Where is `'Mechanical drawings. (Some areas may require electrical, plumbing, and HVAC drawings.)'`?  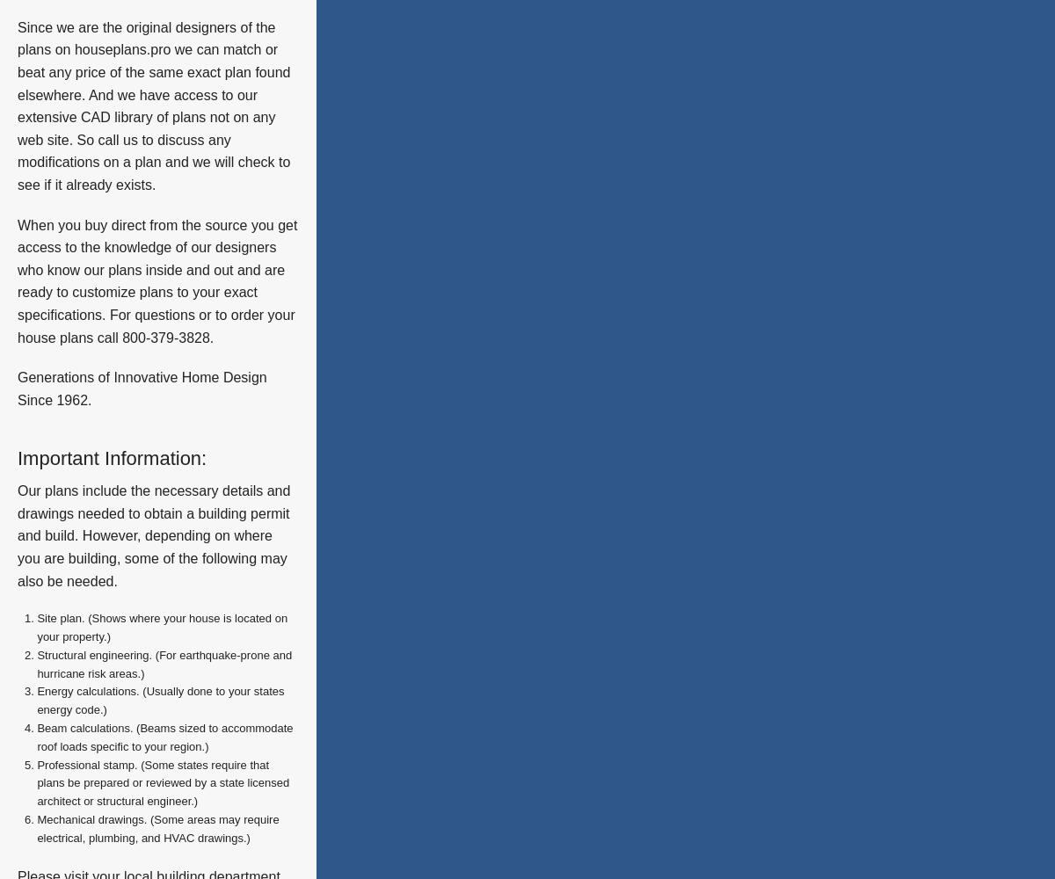 'Mechanical drawings. (Some areas may require electrical, plumbing, and HVAC drawings.)' is located at coordinates (156, 827).